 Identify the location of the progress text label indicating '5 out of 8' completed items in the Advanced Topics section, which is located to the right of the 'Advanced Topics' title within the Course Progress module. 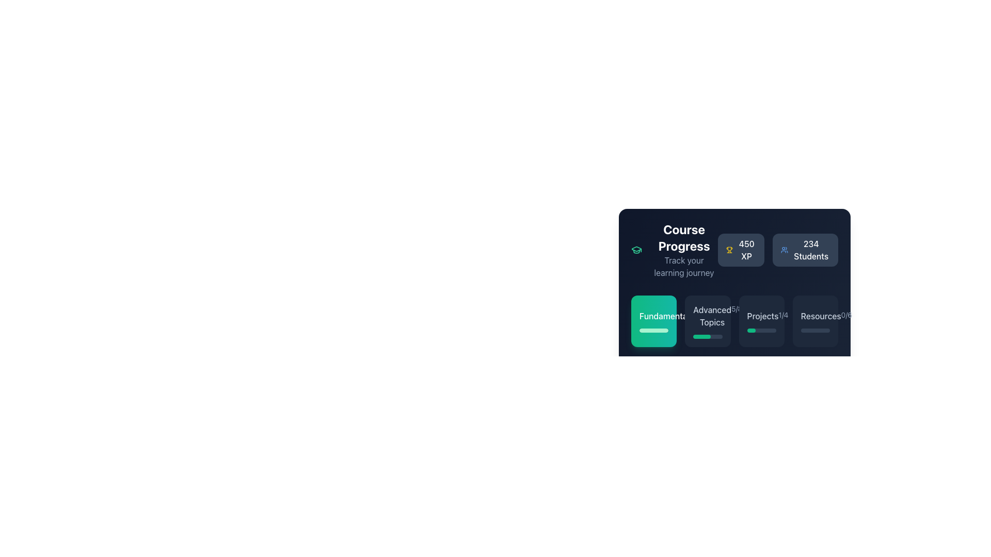
(736, 308).